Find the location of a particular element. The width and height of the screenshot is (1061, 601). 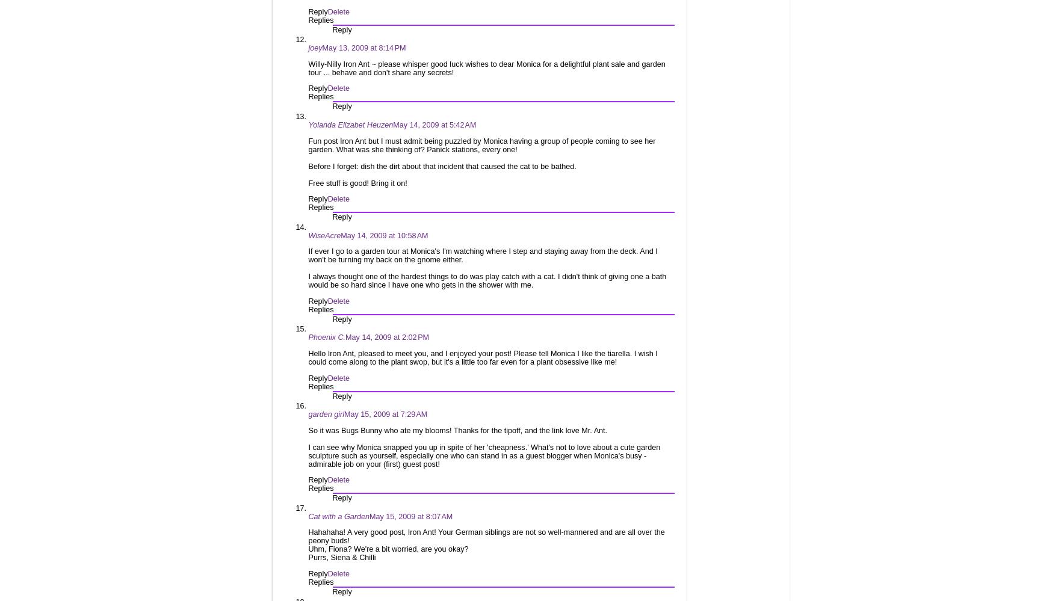

'I always thought one of the hardest things to do was play catch with a cat. I didn't think of giving one a bath would be so hard since I have one who gets in the shower with me.' is located at coordinates (487, 281).